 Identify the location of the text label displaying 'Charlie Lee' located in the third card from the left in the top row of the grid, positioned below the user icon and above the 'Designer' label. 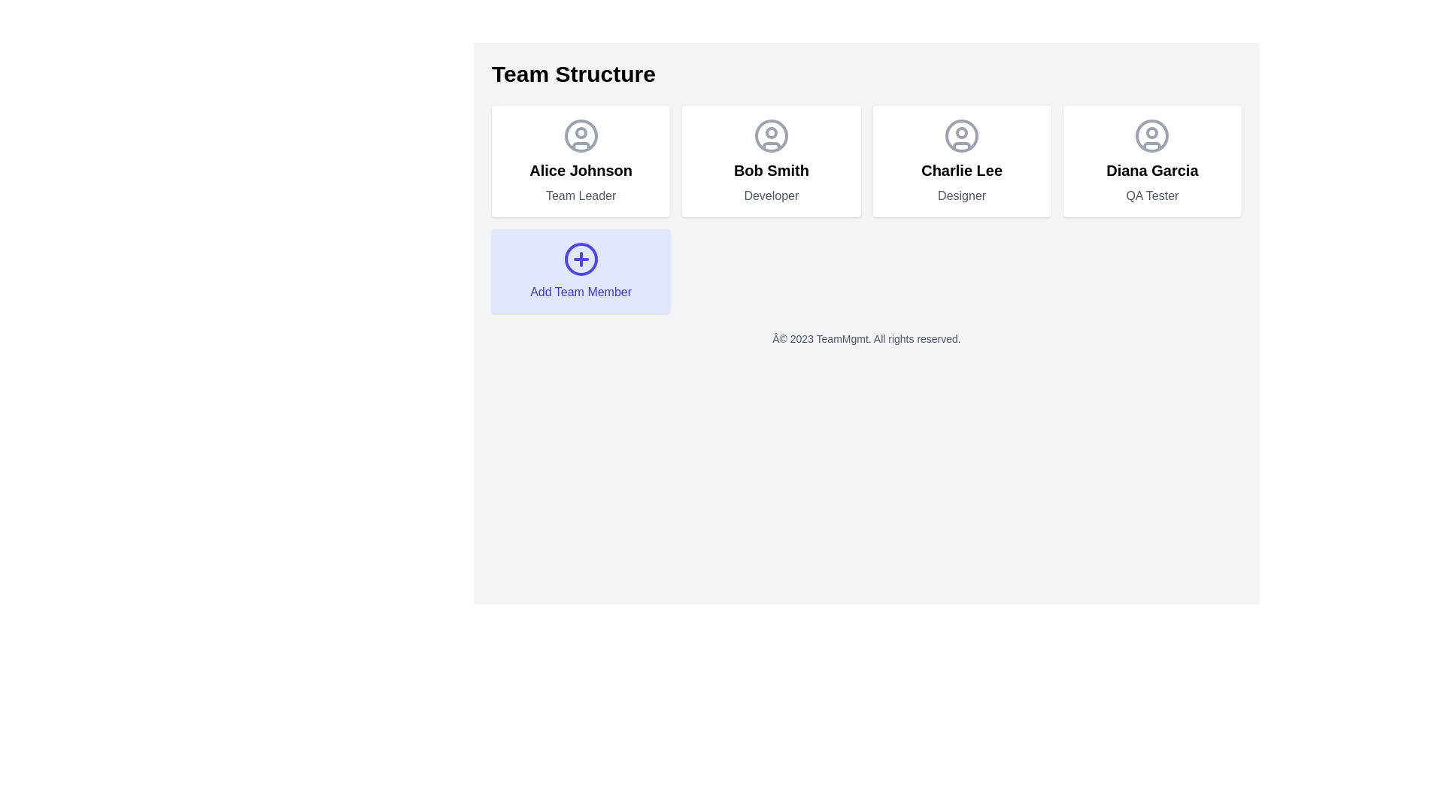
(960, 170).